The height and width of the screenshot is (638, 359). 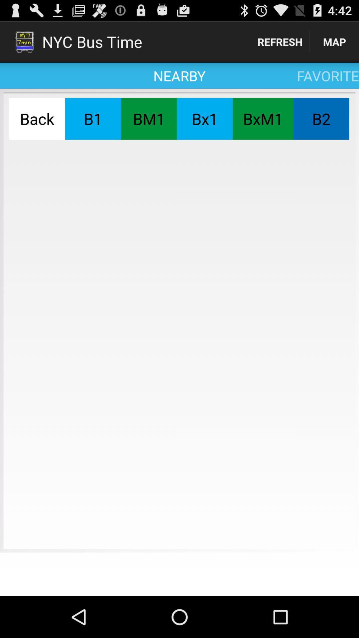 I want to click on icon next to the bm1 item, so click(x=204, y=119).